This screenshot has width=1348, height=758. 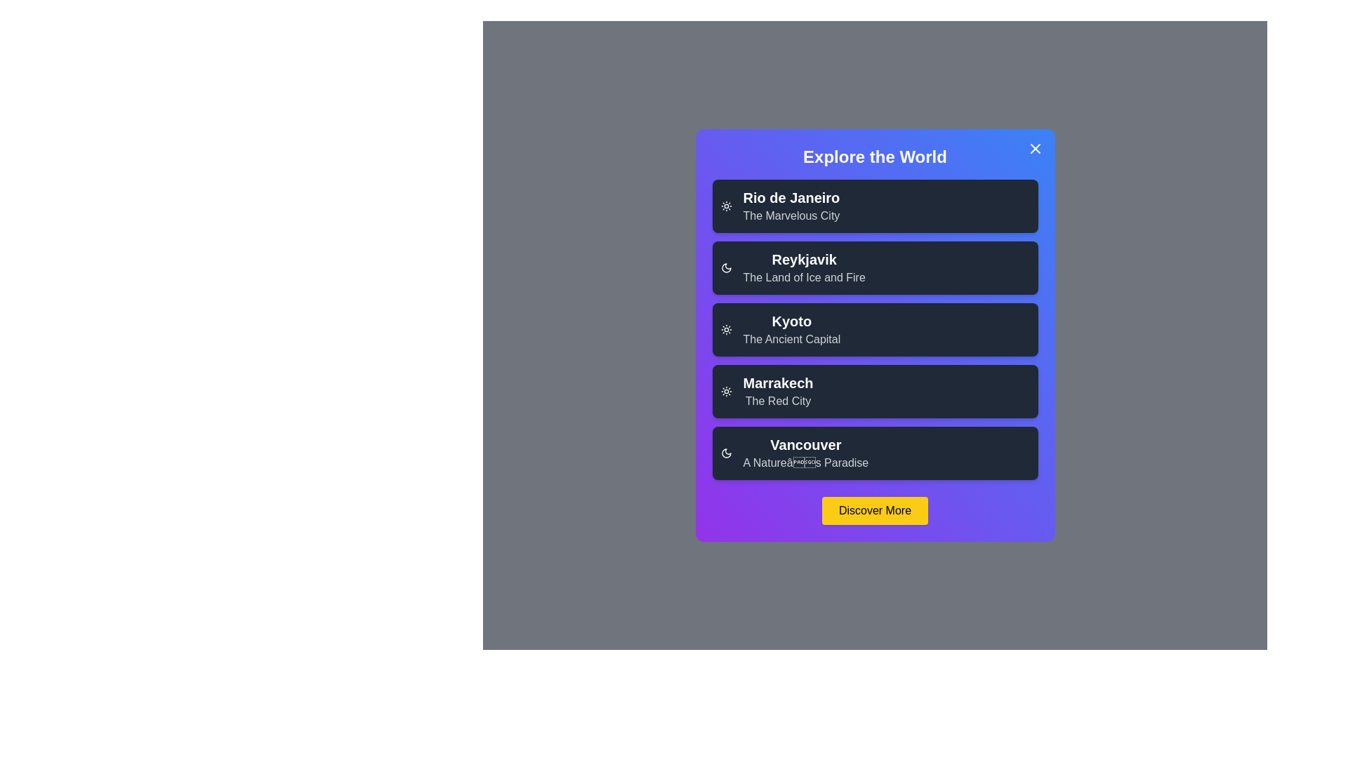 I want to click on the 'Discover More' button, so click(x=874, y=511).